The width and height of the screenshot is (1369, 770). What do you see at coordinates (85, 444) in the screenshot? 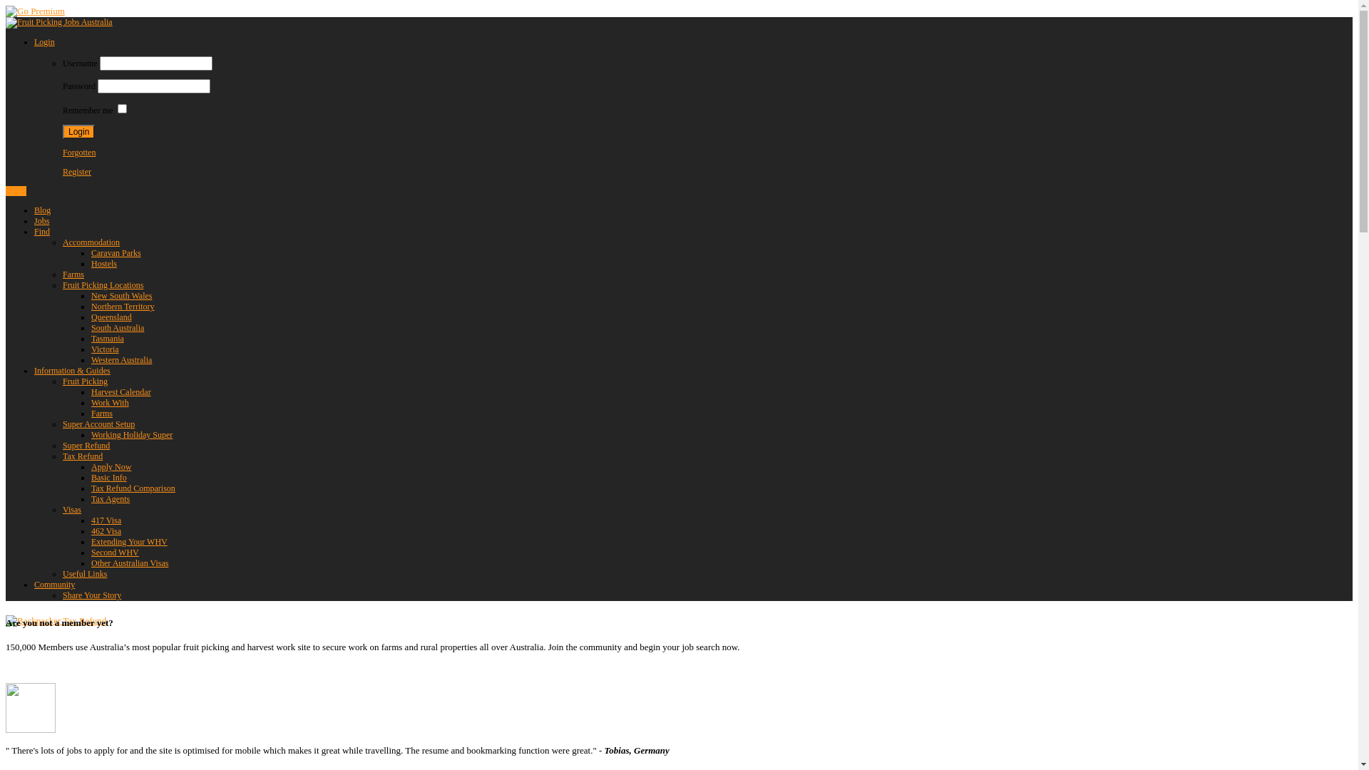
I see `'Super Refund'` at bounding box center [85, 444].